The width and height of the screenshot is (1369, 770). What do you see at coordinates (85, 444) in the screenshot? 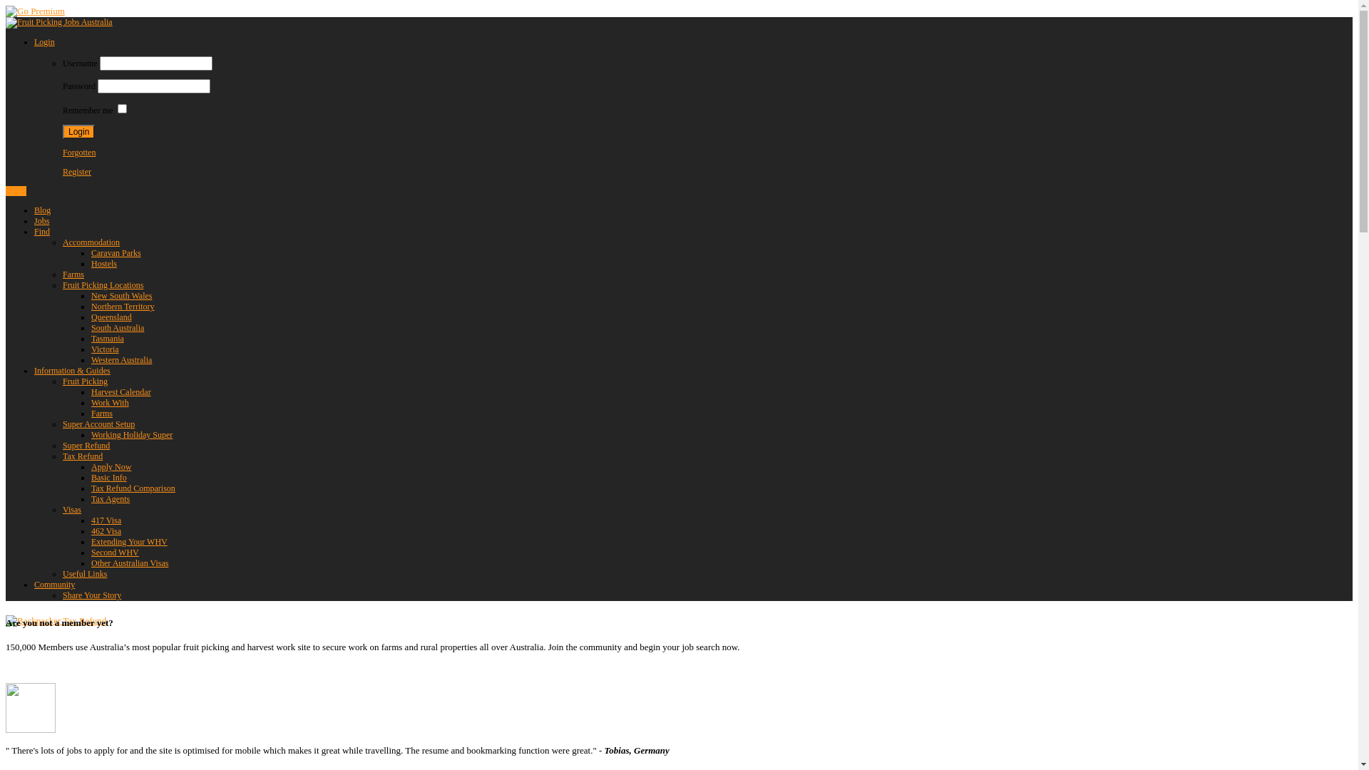
I see `'Super Refund'` at bounding box center [85, 444].